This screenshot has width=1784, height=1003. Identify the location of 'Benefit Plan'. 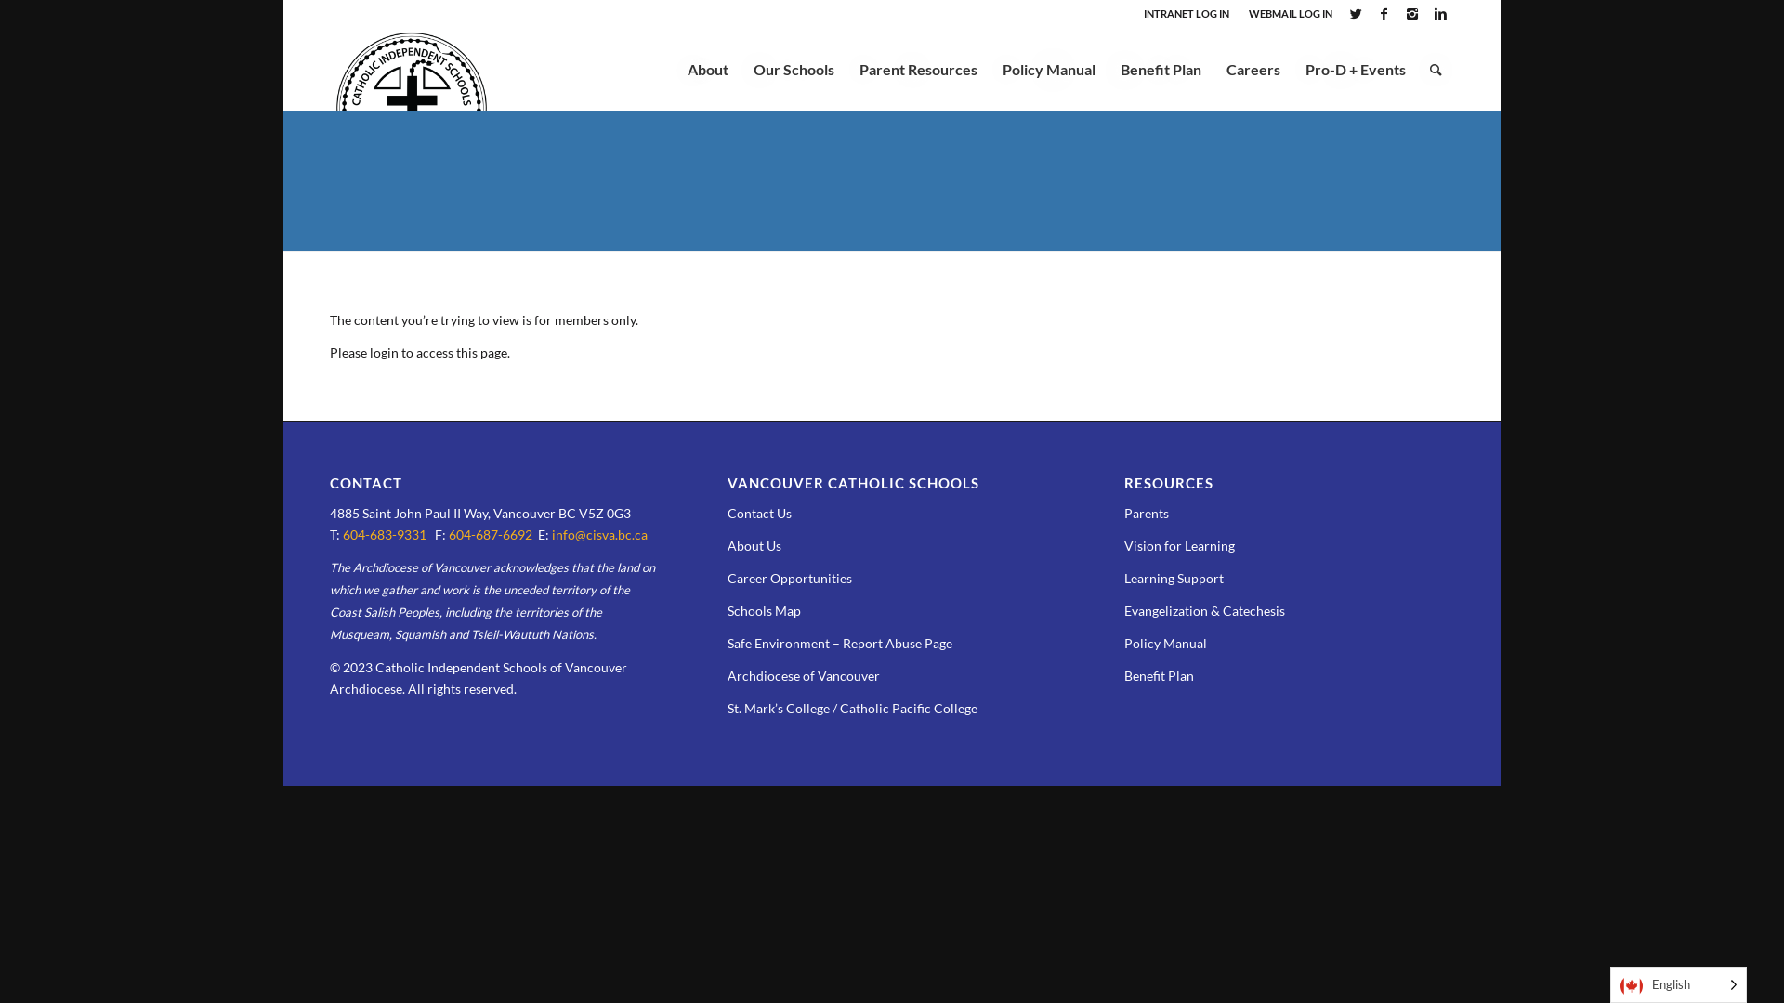
(1158, 675).